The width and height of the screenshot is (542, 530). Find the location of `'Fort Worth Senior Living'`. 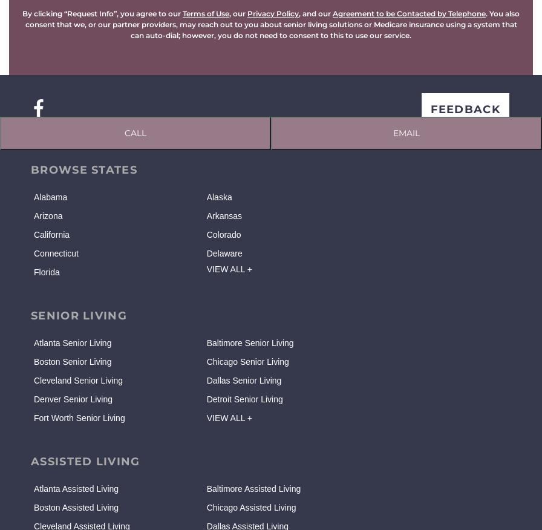

'Fort Worth Senior Living' is located at coordinates (79, 417).